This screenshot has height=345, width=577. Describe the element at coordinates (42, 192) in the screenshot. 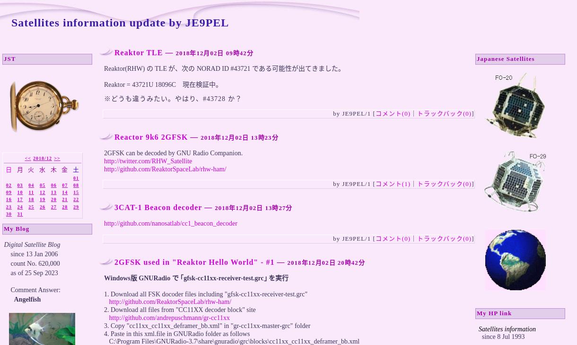

I see `'12'` at that location.